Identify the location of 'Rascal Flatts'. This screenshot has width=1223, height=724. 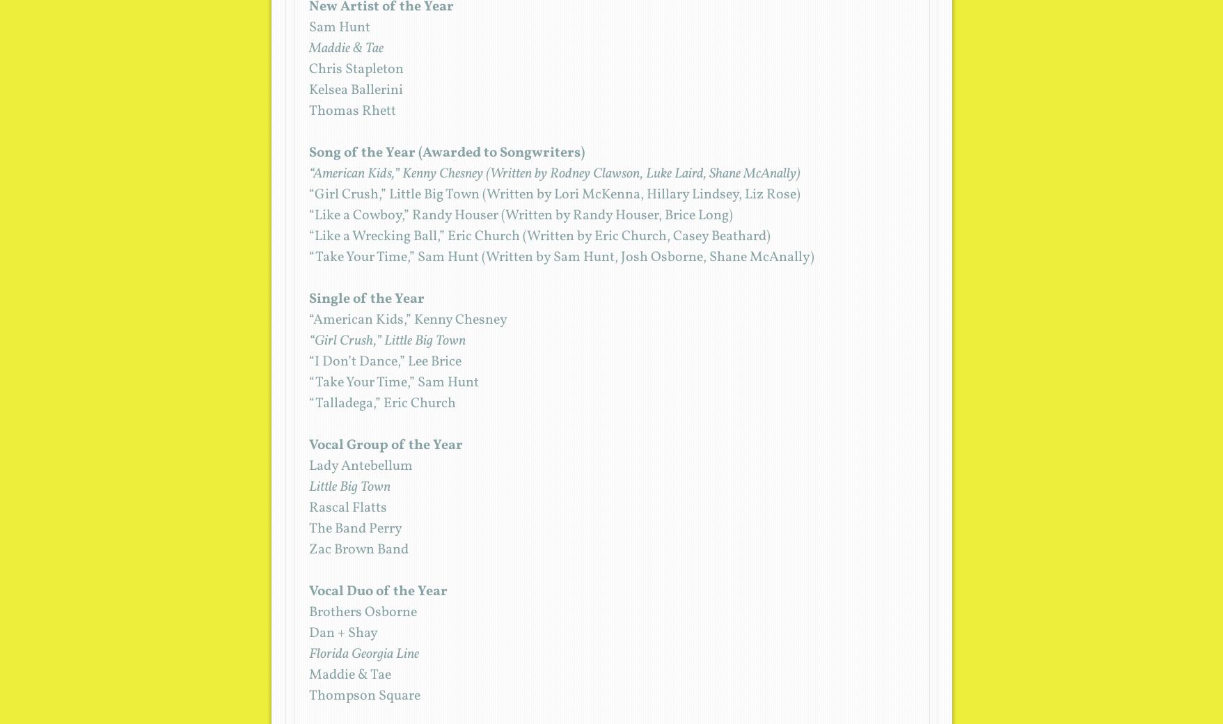
(346, 507).